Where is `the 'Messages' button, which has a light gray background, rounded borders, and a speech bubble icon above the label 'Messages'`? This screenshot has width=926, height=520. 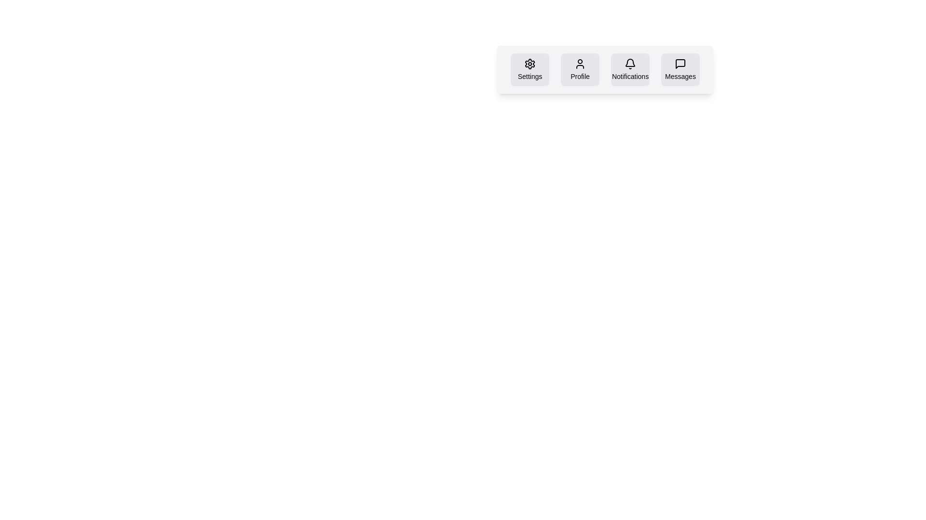 the 'Messages' button, which has a light gray background, rounded borders, and a speech bubble icon above the label 'Messages' is located at coordinates (680, 69).